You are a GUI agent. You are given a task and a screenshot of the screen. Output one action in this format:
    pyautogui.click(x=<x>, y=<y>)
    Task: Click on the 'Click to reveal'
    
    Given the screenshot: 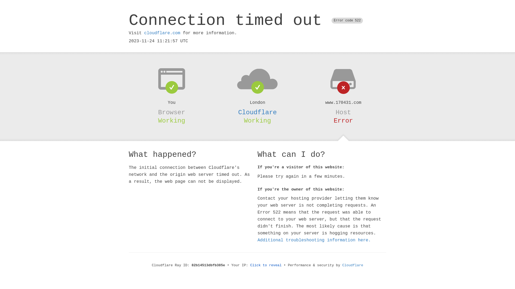 What is the action you would take?
    pyautogui.click(x=266, y=265)
    